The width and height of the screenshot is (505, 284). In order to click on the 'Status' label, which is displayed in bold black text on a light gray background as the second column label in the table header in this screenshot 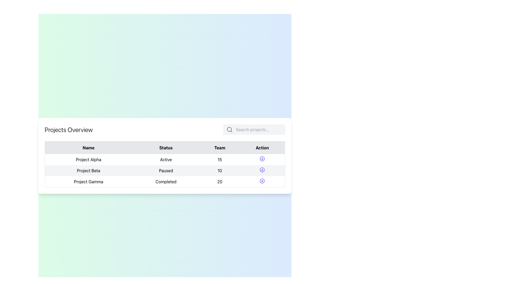, I will do `click(166, 148)`.